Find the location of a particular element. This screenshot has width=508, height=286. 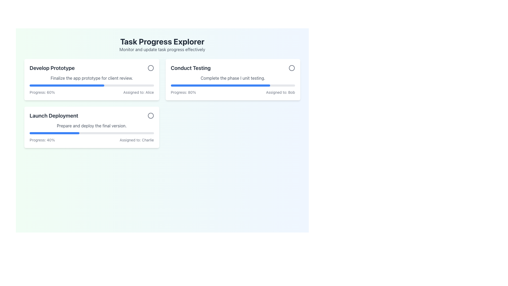

text heading that serves as the title for the second card in the vertically stacked layout, located between the 'Develop Prototype' card and the progress bar is located at coordinates (54, 115).